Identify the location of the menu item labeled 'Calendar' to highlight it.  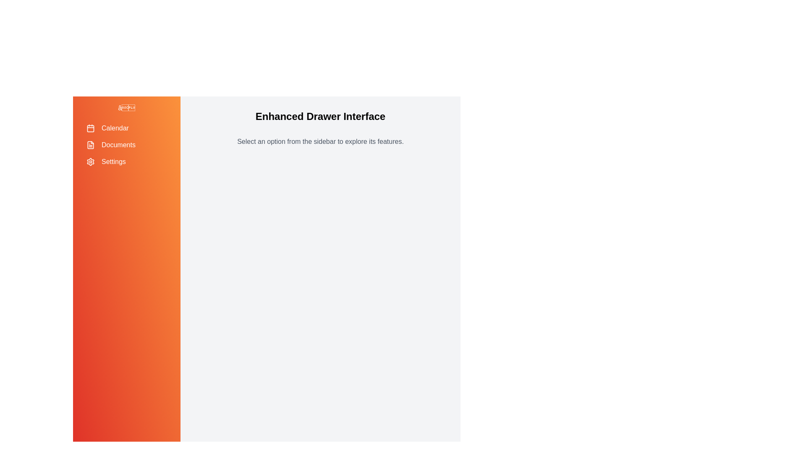
(126, 128).